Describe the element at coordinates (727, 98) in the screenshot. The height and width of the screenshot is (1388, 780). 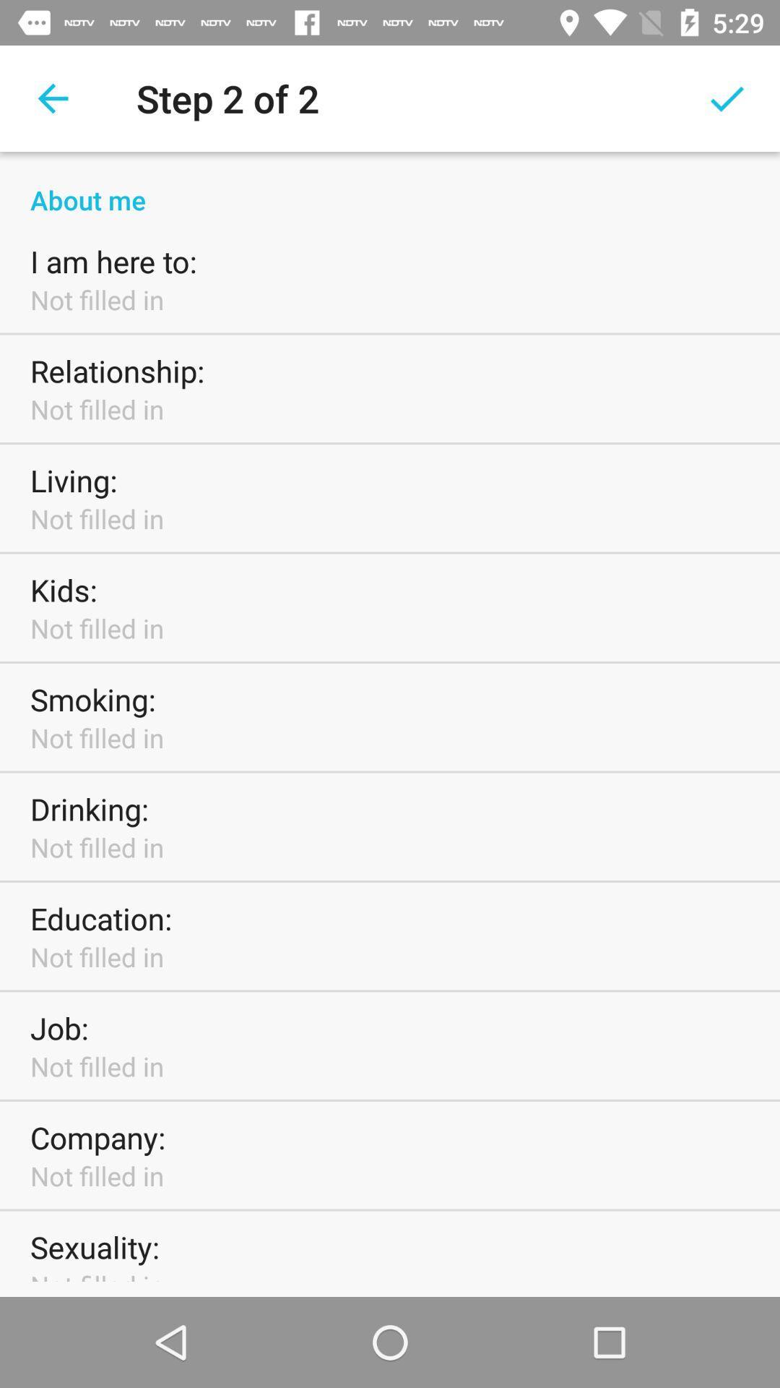
I see `the icon at the top right corner` at that location.